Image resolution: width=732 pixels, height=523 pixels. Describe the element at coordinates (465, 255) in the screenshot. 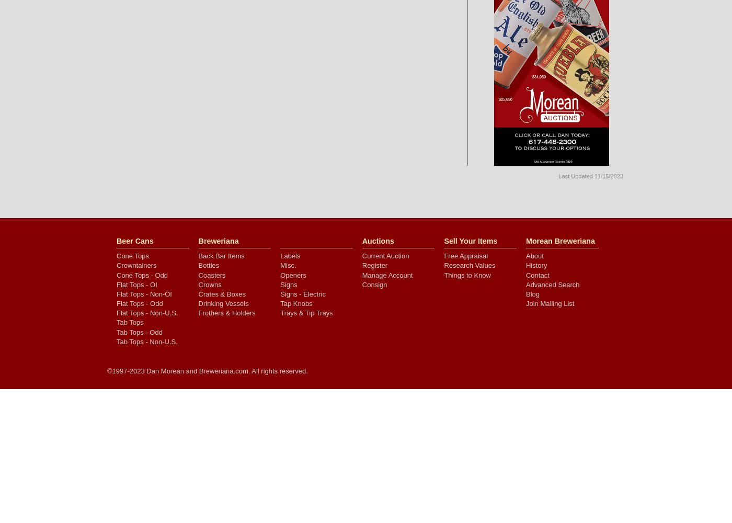

I see `'Free Appraisal'` at that location.